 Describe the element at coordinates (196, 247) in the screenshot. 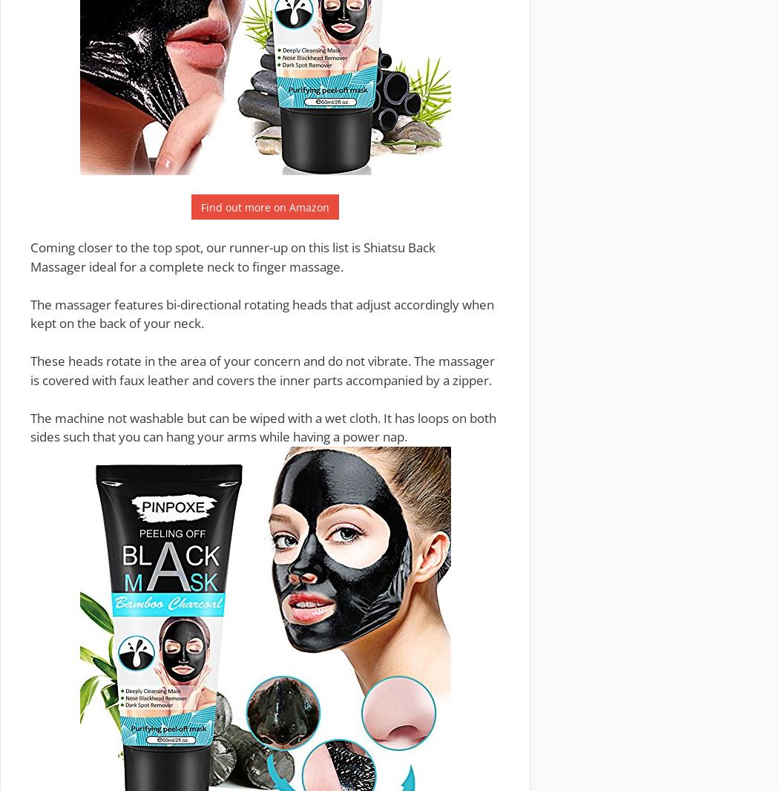

I see `'Coming closer to the top spot, our runner-up on this list is'` at that location.